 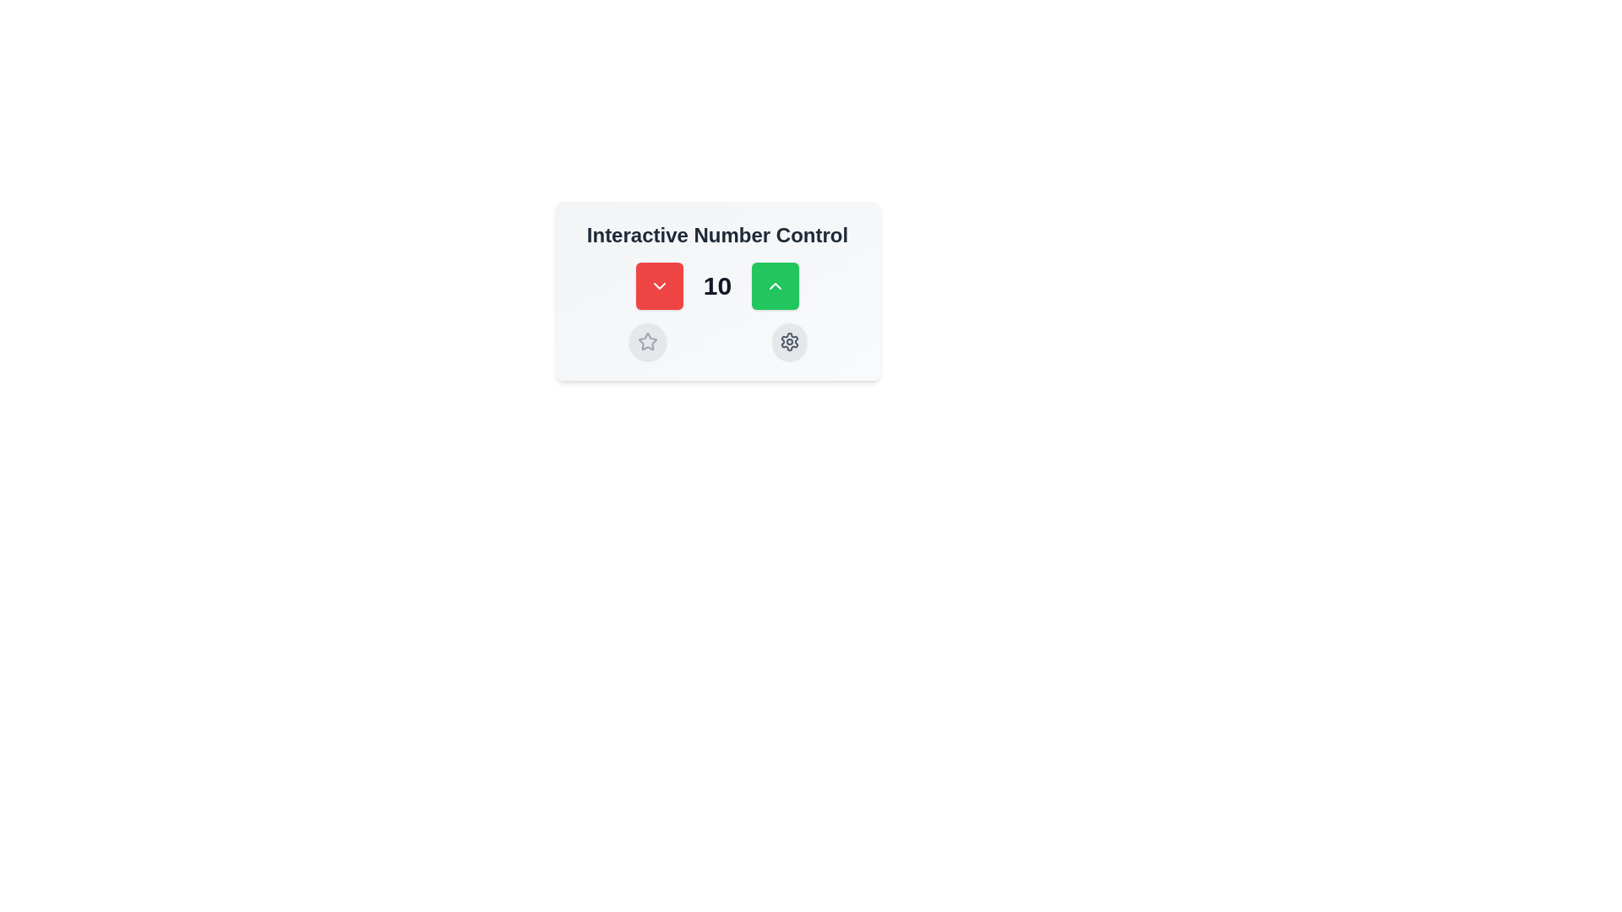 I want to click on the downward-facing chevron icon embedded within the red rectangular button on the left side of the number control interface, so click(x=658, y=285).